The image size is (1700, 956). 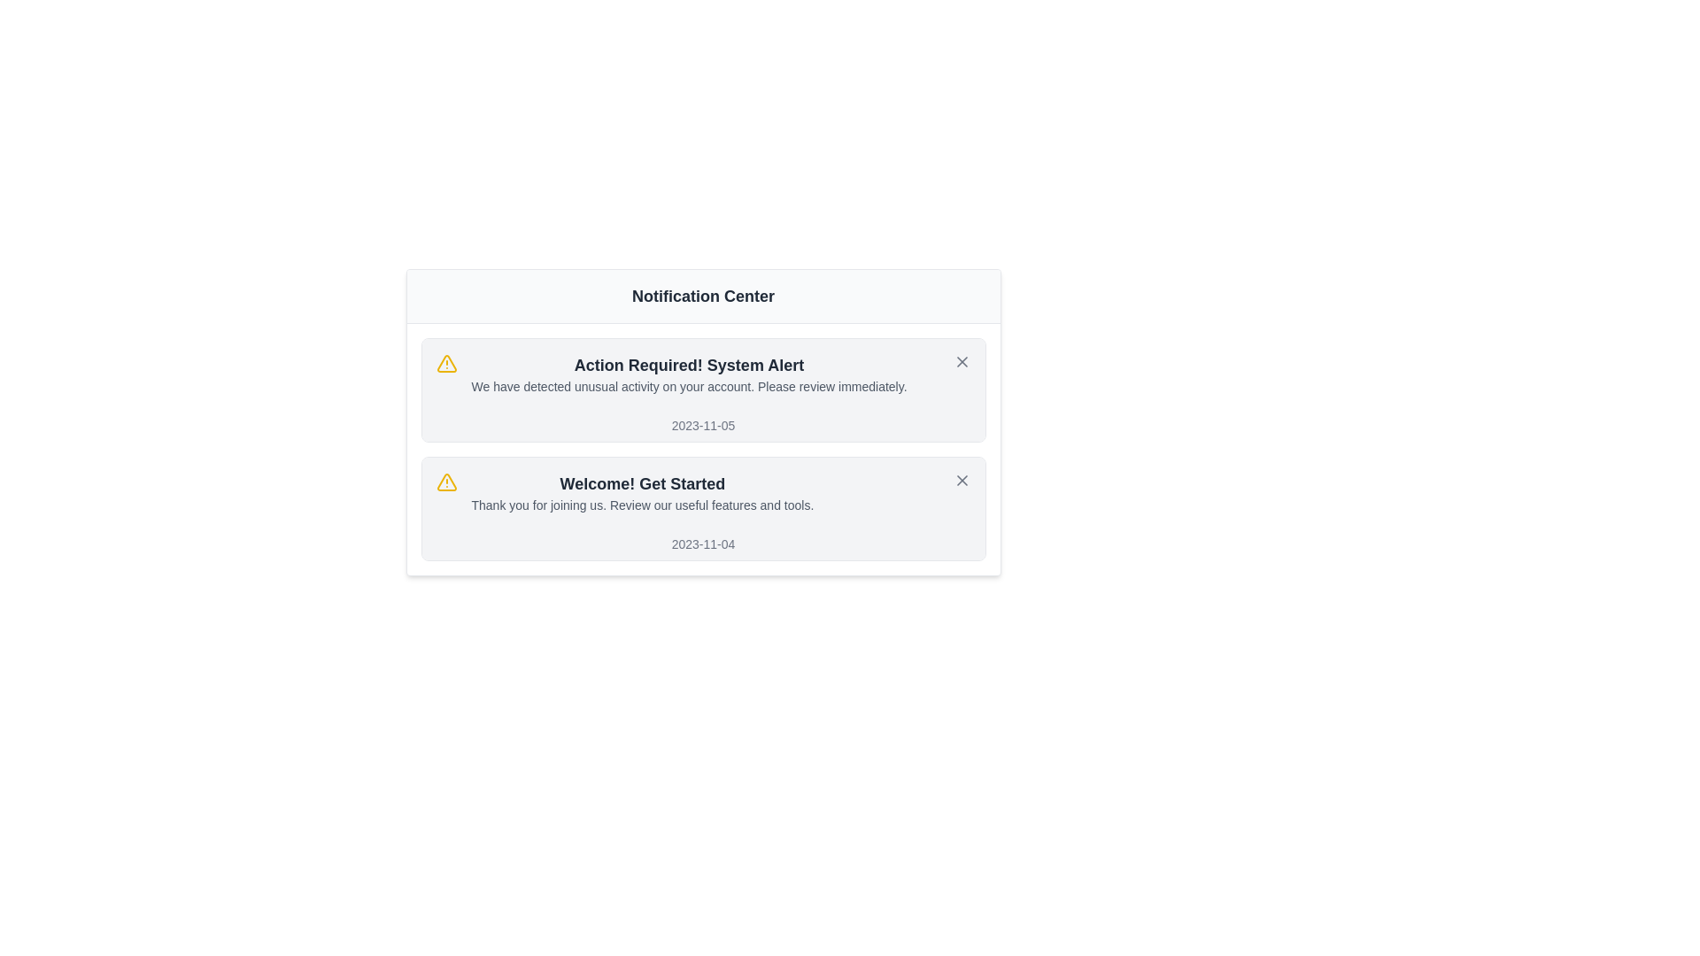 What do you see at coordinates (702, 543) in the screenshot?
I see `date information displayed in the text label located at the bottom of the 'Welcome! Get Started' notification in the Notification Center` at bounding box center [702, 543].